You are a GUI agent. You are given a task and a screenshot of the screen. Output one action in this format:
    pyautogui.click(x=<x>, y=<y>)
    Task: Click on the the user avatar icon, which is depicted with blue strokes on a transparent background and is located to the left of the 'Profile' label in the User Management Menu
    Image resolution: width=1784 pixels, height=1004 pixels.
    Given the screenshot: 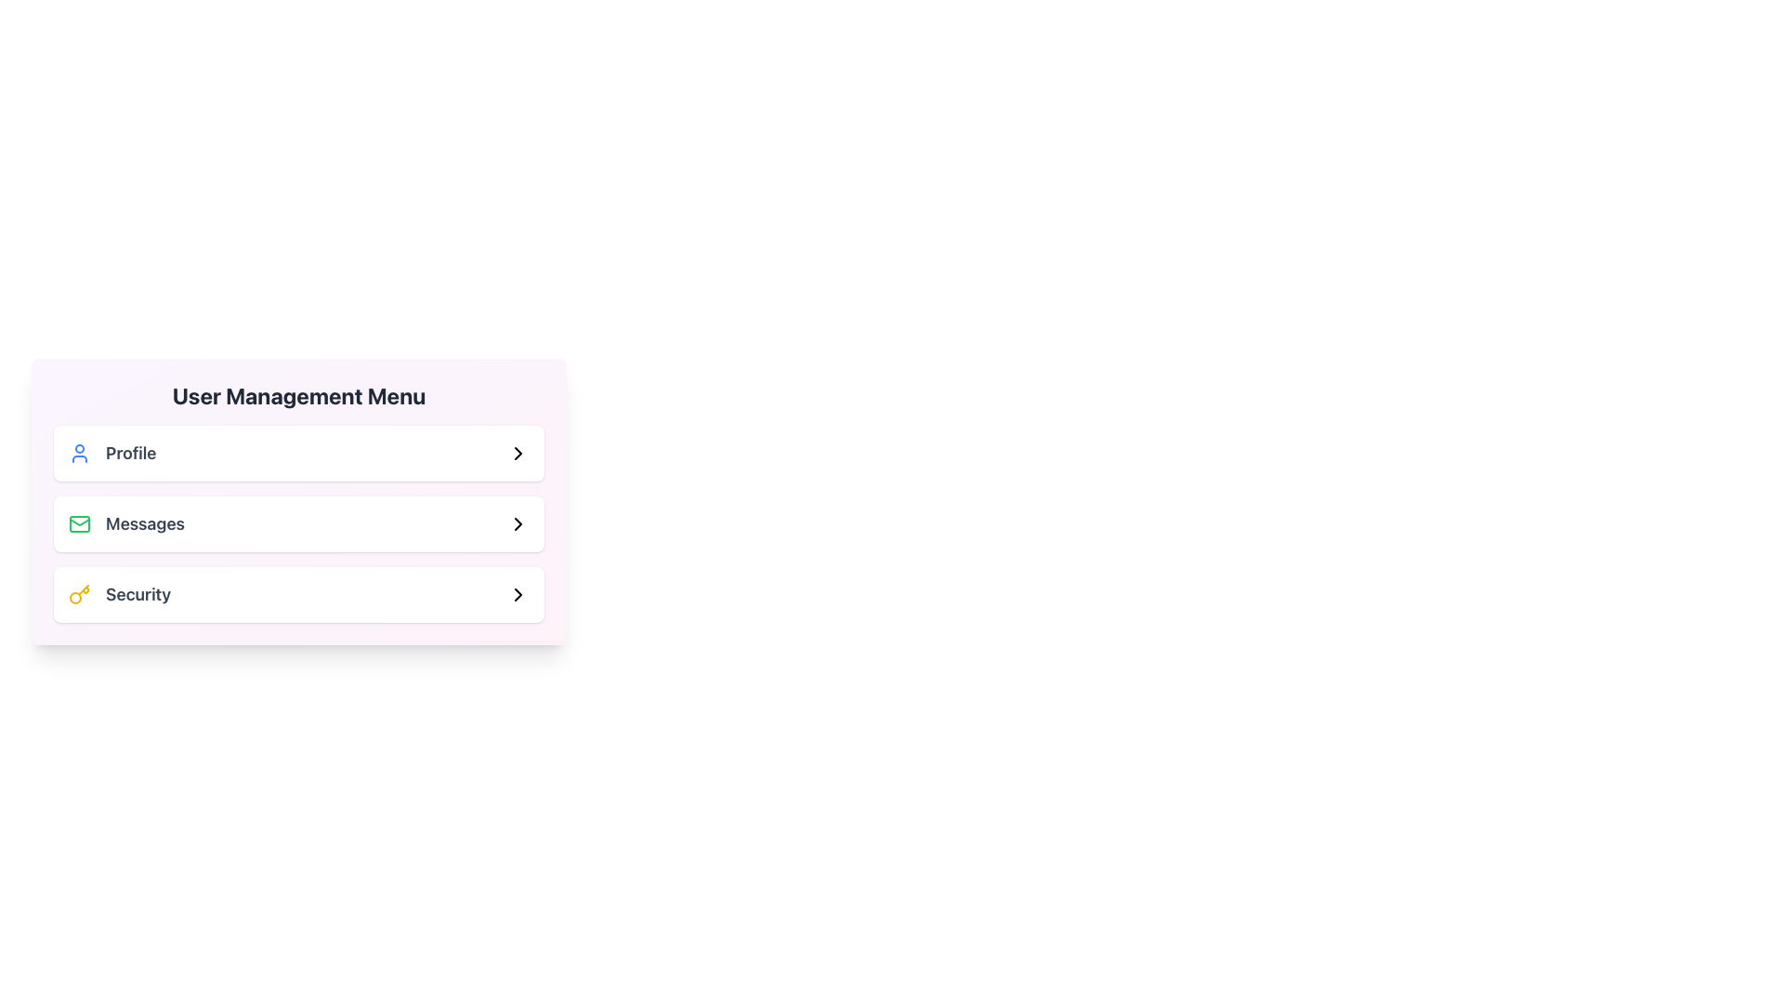 What is the action you would take?
    pyautogui.click(x=79, y=454)
    